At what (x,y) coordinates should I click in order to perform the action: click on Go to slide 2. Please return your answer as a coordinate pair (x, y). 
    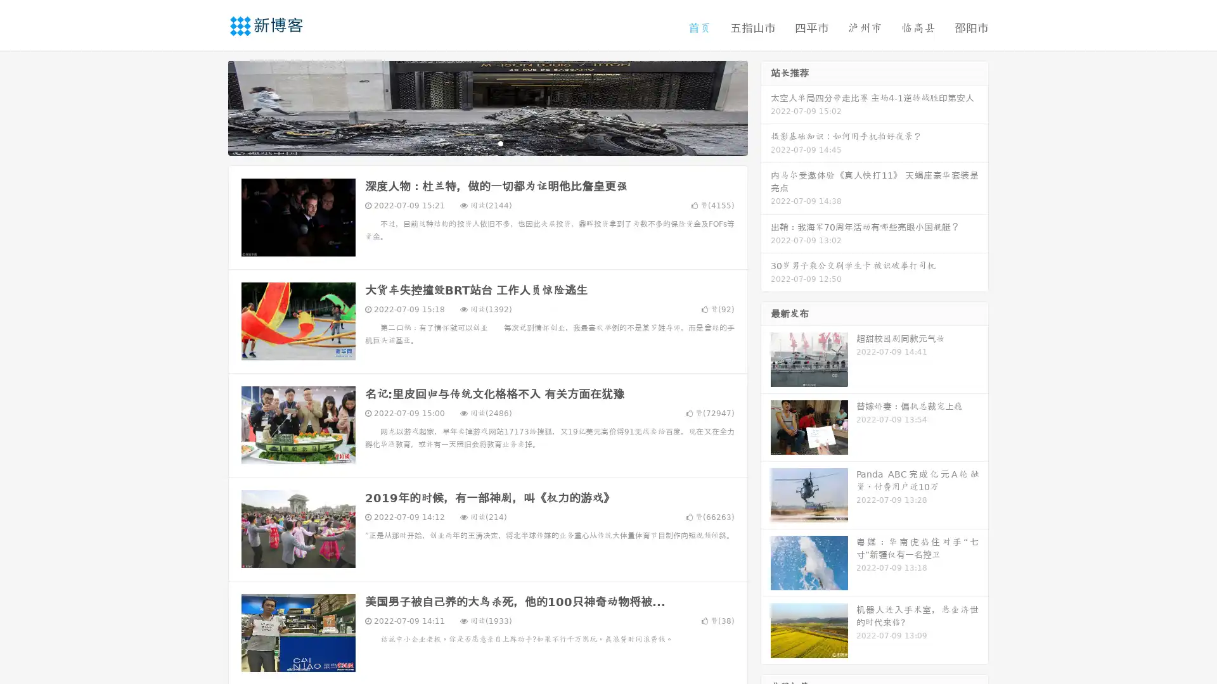
    Looking at the image, I should click on (487, 142).